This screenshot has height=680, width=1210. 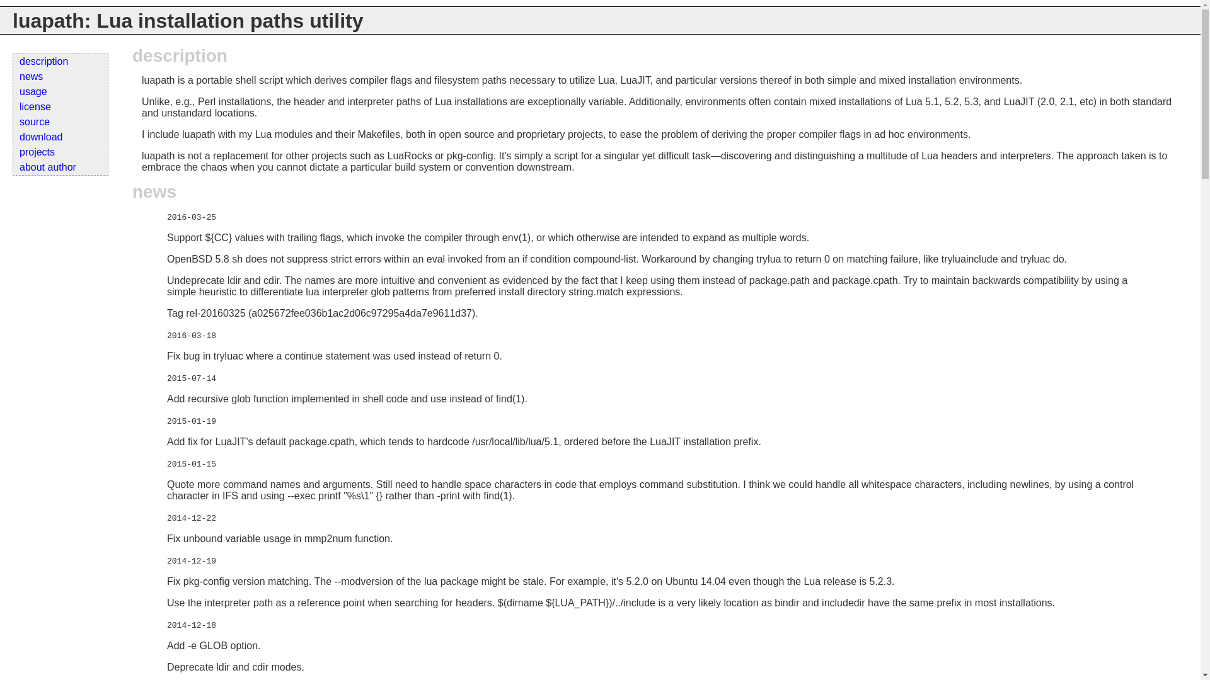 What do you see at coordinates (13, 106) in the screenshot?
I see `'license'` at bounding box center [13, 106].